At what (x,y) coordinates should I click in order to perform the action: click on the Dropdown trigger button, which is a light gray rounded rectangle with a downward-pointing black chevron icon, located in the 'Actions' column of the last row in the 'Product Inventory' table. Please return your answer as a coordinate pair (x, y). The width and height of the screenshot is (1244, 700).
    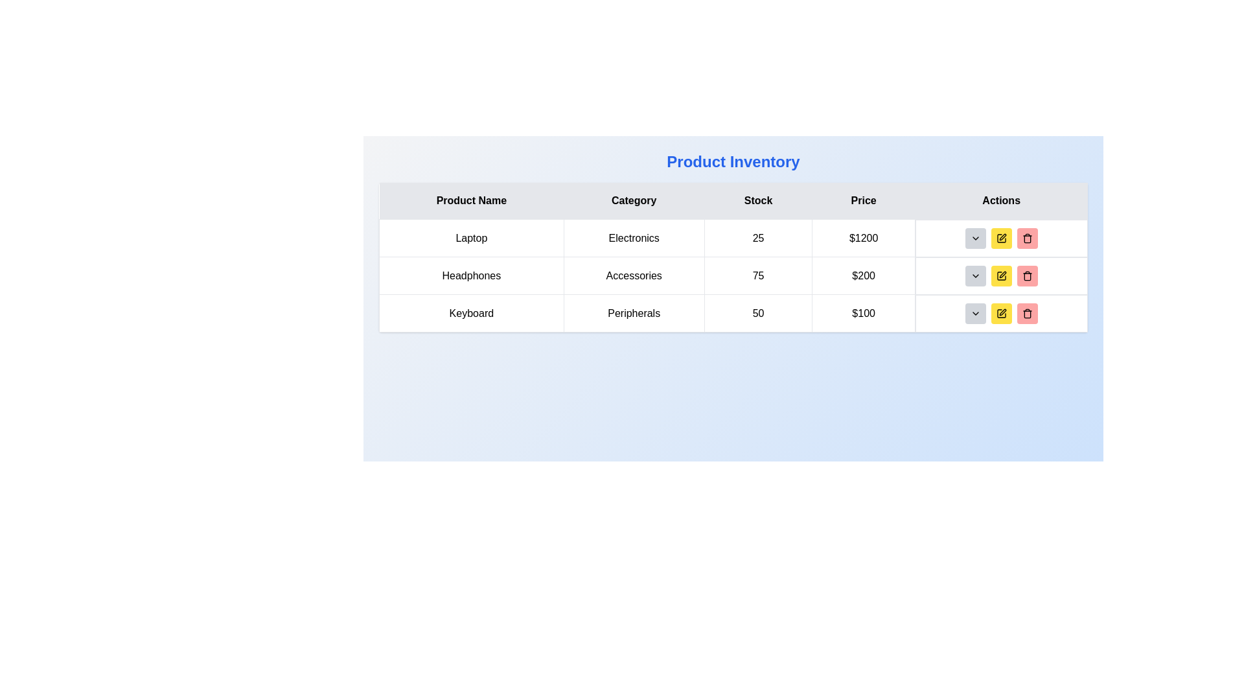
    Looking at the image, I should click on (975, 313).